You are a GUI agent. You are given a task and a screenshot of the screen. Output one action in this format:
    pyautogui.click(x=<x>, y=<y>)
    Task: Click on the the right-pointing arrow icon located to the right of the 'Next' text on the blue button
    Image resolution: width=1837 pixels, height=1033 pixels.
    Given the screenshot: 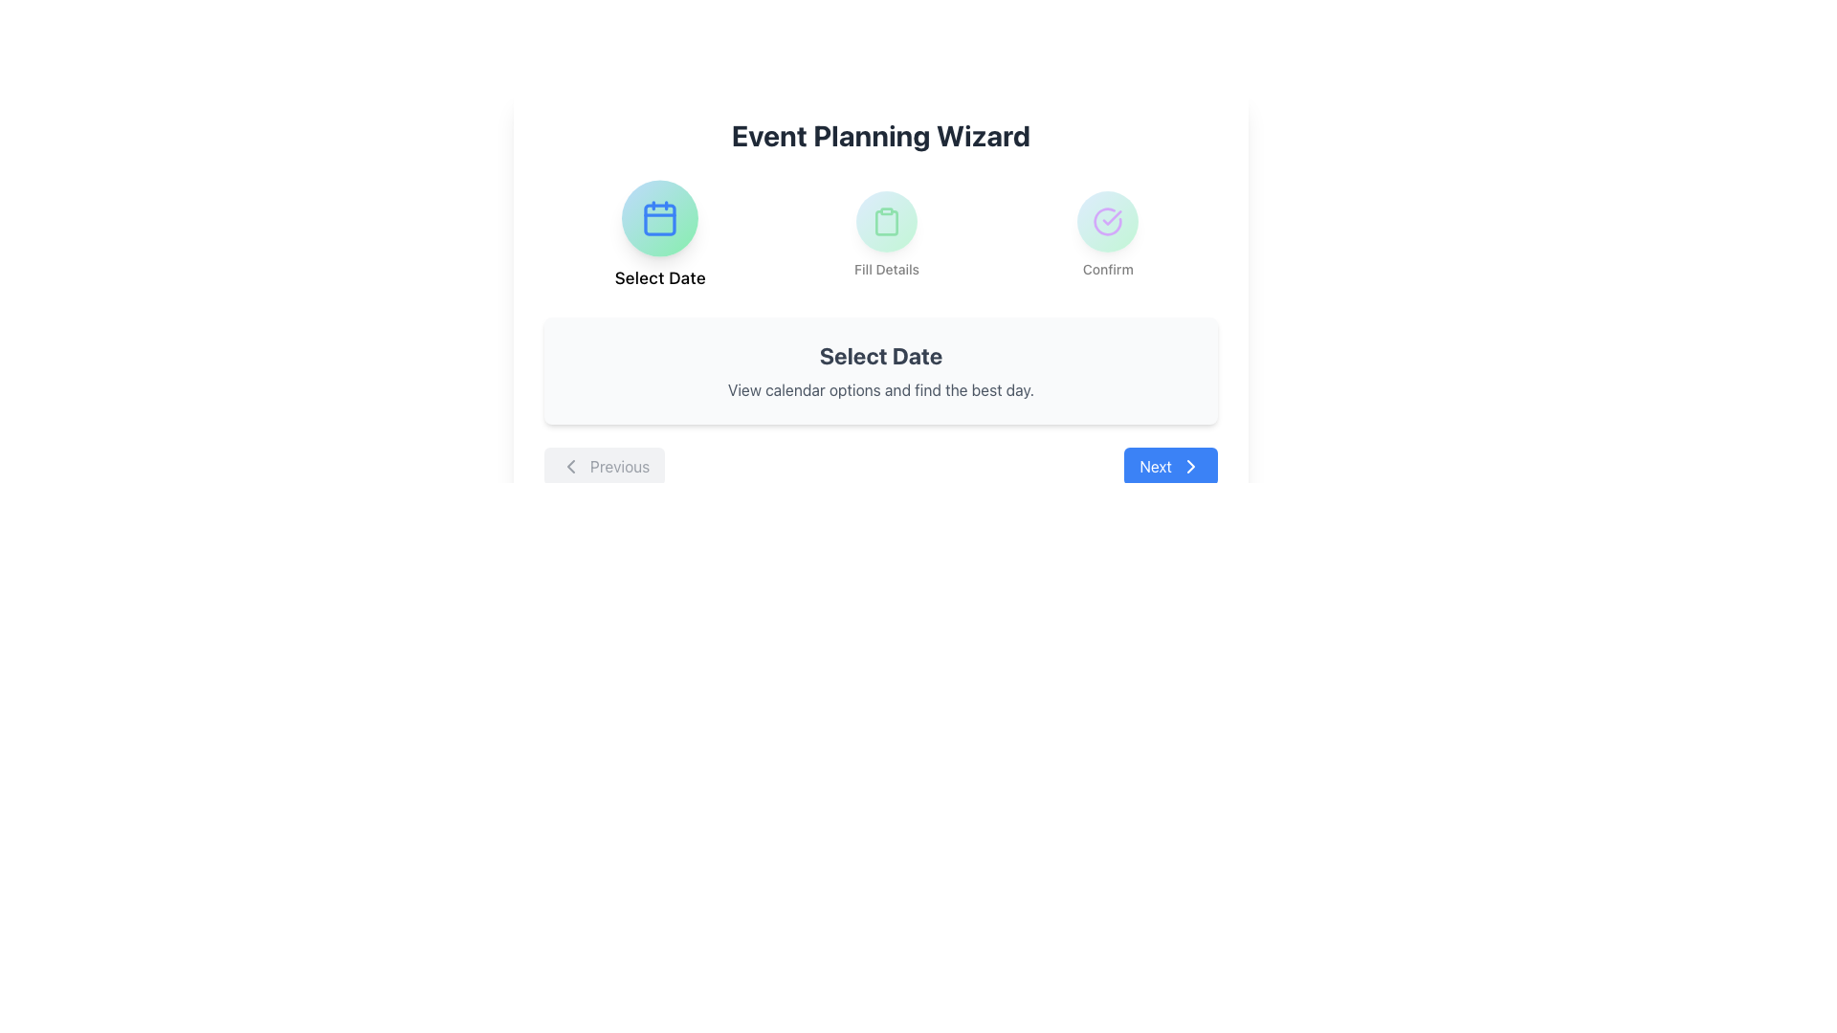 What is the action you would take?
    pyautogui.click(x=1189, y=467)
    